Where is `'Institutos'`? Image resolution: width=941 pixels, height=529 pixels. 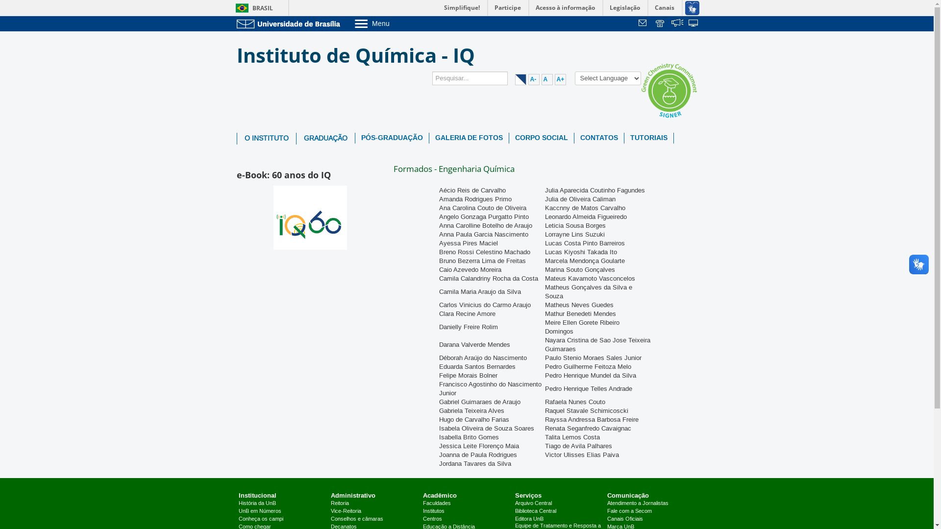
'Institutos' is located at coordinates (433, 511).